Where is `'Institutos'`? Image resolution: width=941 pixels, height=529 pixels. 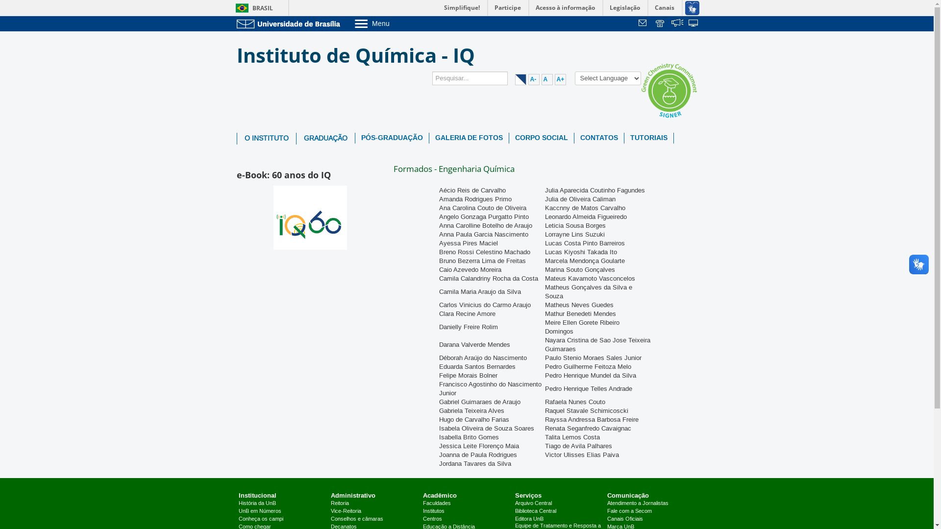
'Institutos' is located at coordinates (433, 511).